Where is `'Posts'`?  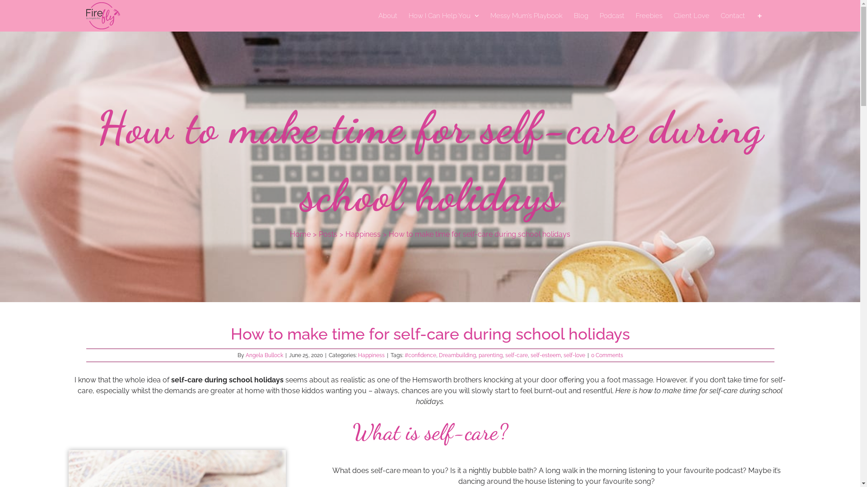
'Posts' is located at coordinates (327, 234).